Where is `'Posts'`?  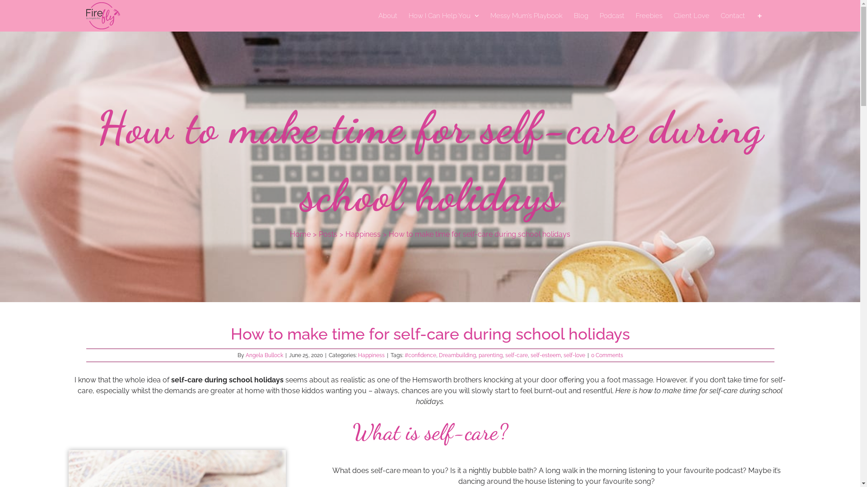
'Posts' is located at coordinates (327, 234).